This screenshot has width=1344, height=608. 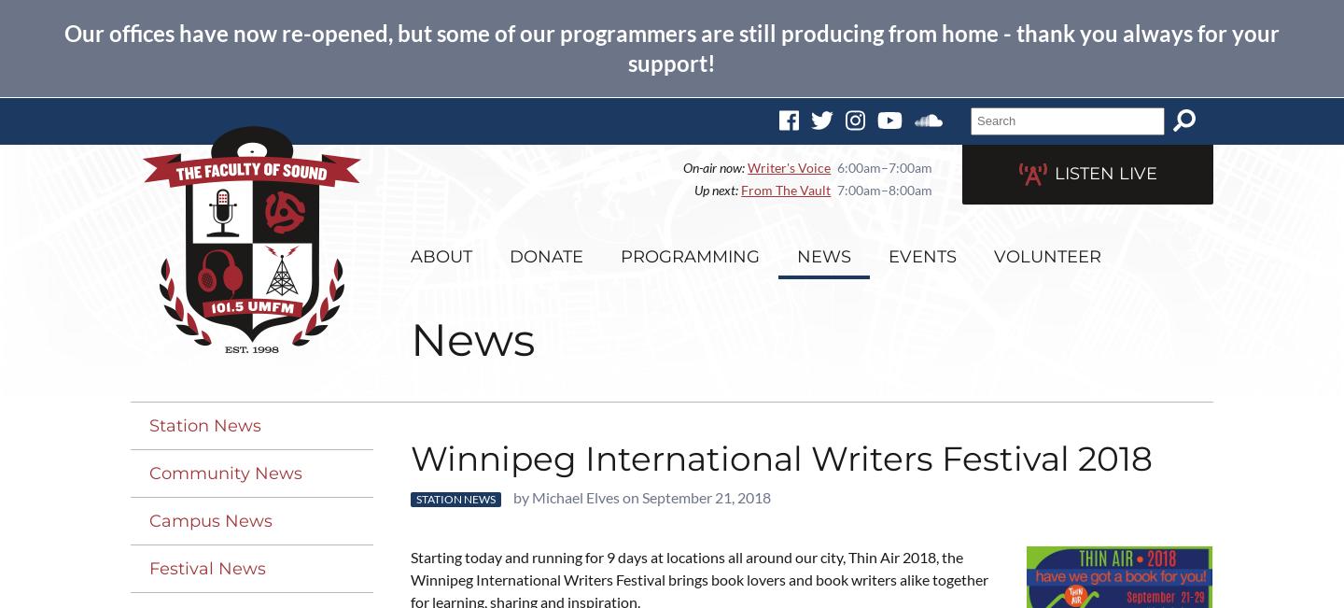 What do you see at coordinates (759, 556) in the screenshot?
I see `'days at loca­tions all around our city, Thin Air'` at bounding box center [759, 556].